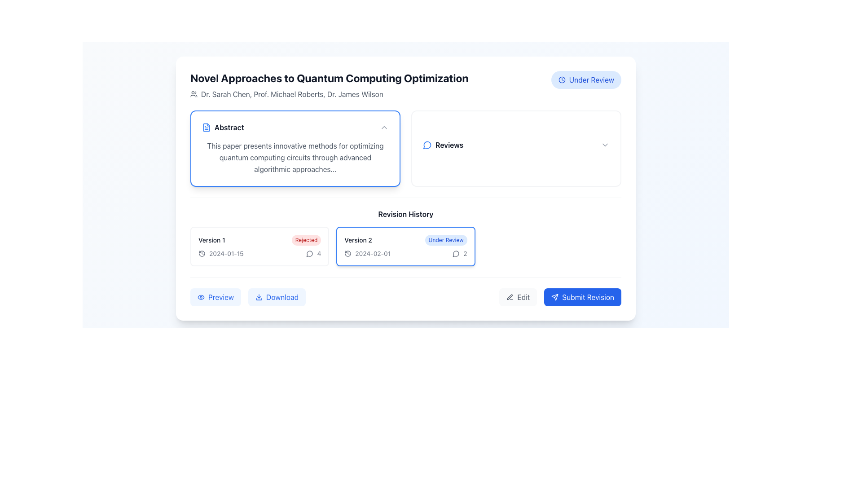 The image size is (862, 485). I want to click on the Text label indicating the 'Version 2' in the 'Revision History' section, which precedes the text 'Under Review', so click(358, 240).